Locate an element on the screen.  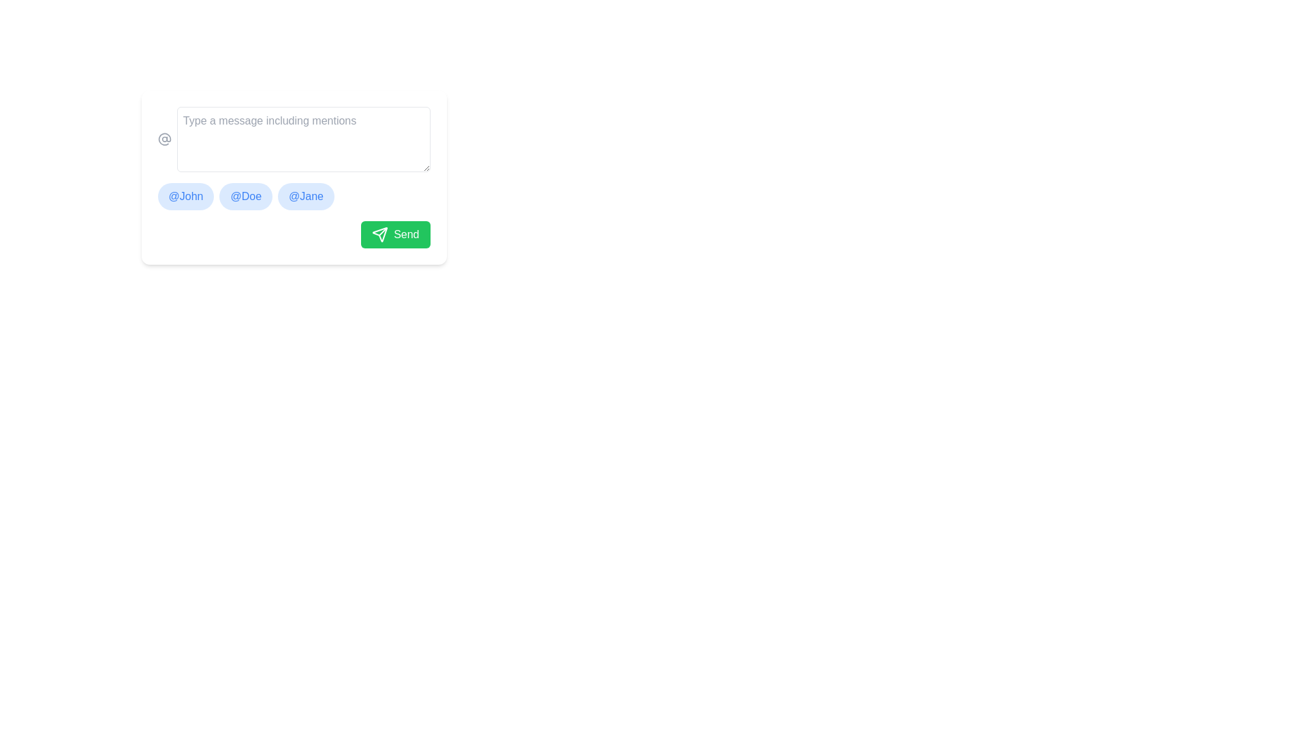
the '@John' mention button for accessibility navigation is located at coordinates (185, 197).